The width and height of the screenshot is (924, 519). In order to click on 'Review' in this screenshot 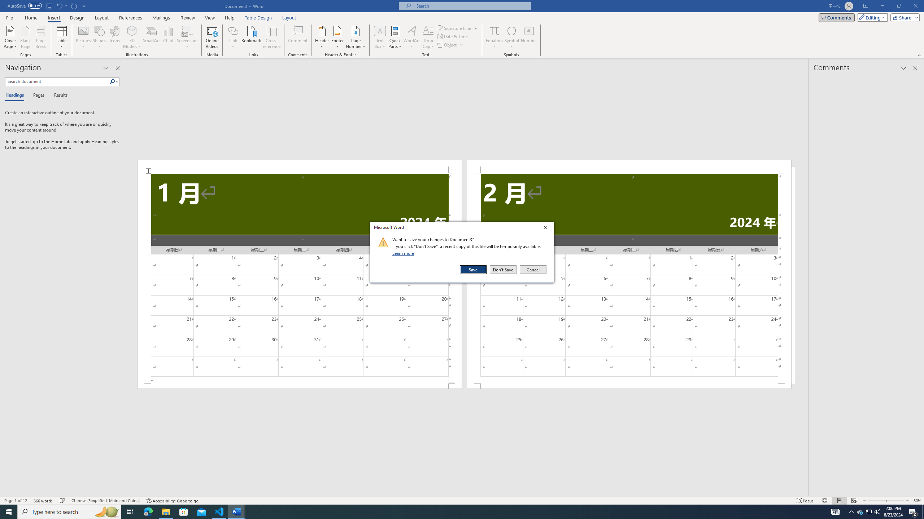, I will do `click(187, 18)`.